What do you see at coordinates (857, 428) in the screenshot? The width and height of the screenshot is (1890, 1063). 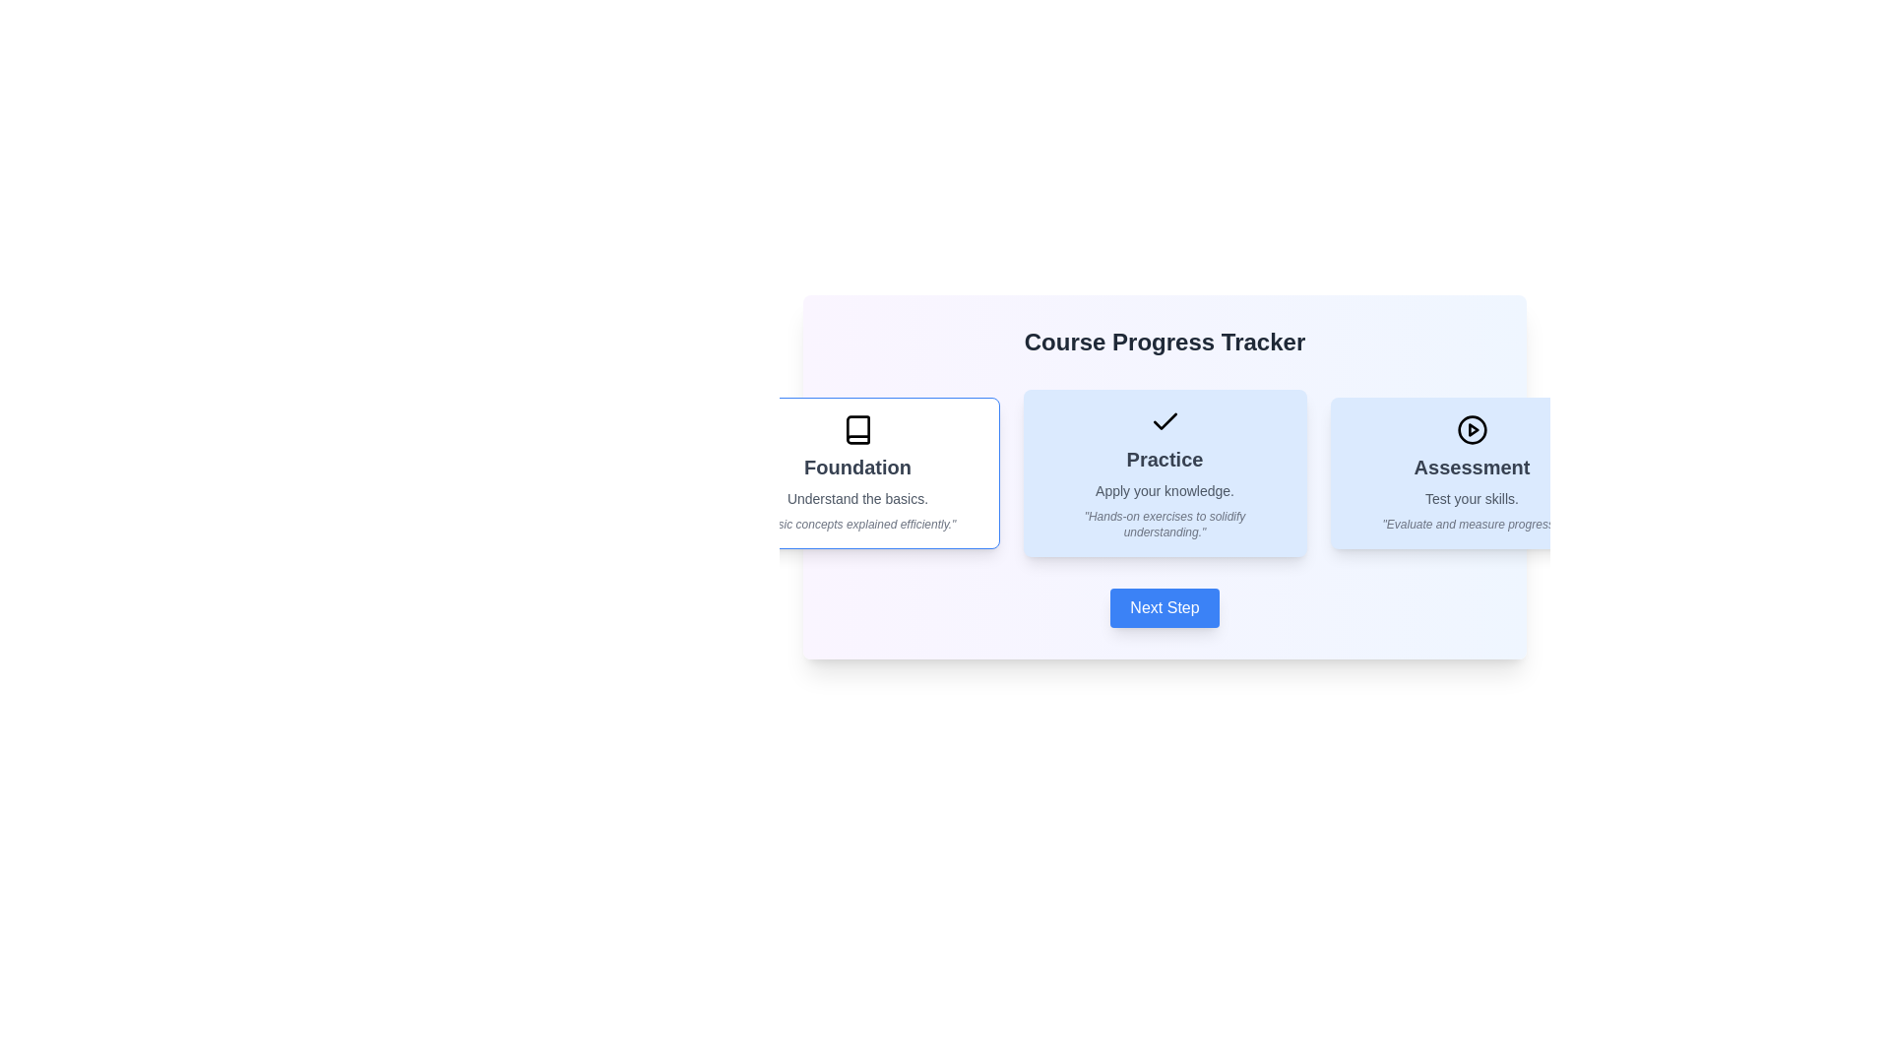 I see `the decorative icon located at the top of the 'Foundation' card, preceding the text 'Foundation' and 'Understand the basics.'` at bounding box center [857, 428].